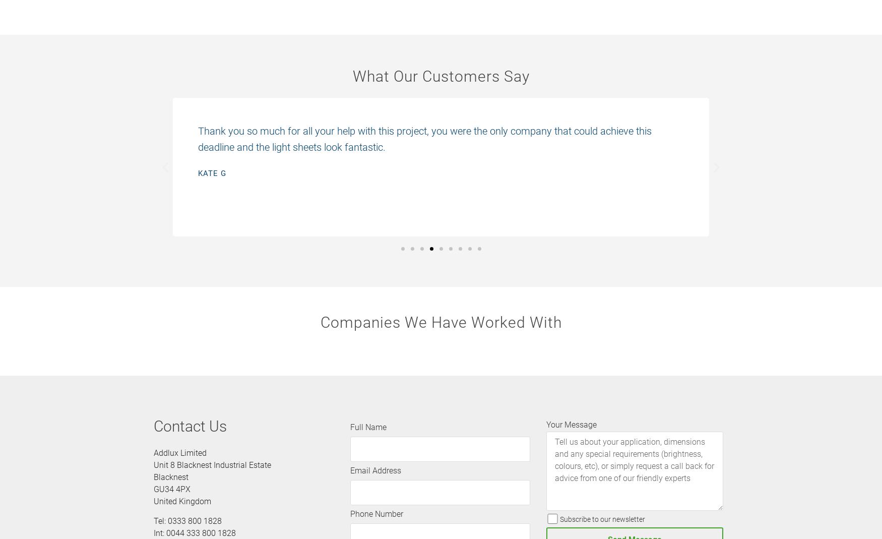 This screenshot has width=882, height=539. What do you see at coordinates (602, 519) in the screenshot?
I see `'Subscribe to our newsletter'` at bounding box center [602, 519].